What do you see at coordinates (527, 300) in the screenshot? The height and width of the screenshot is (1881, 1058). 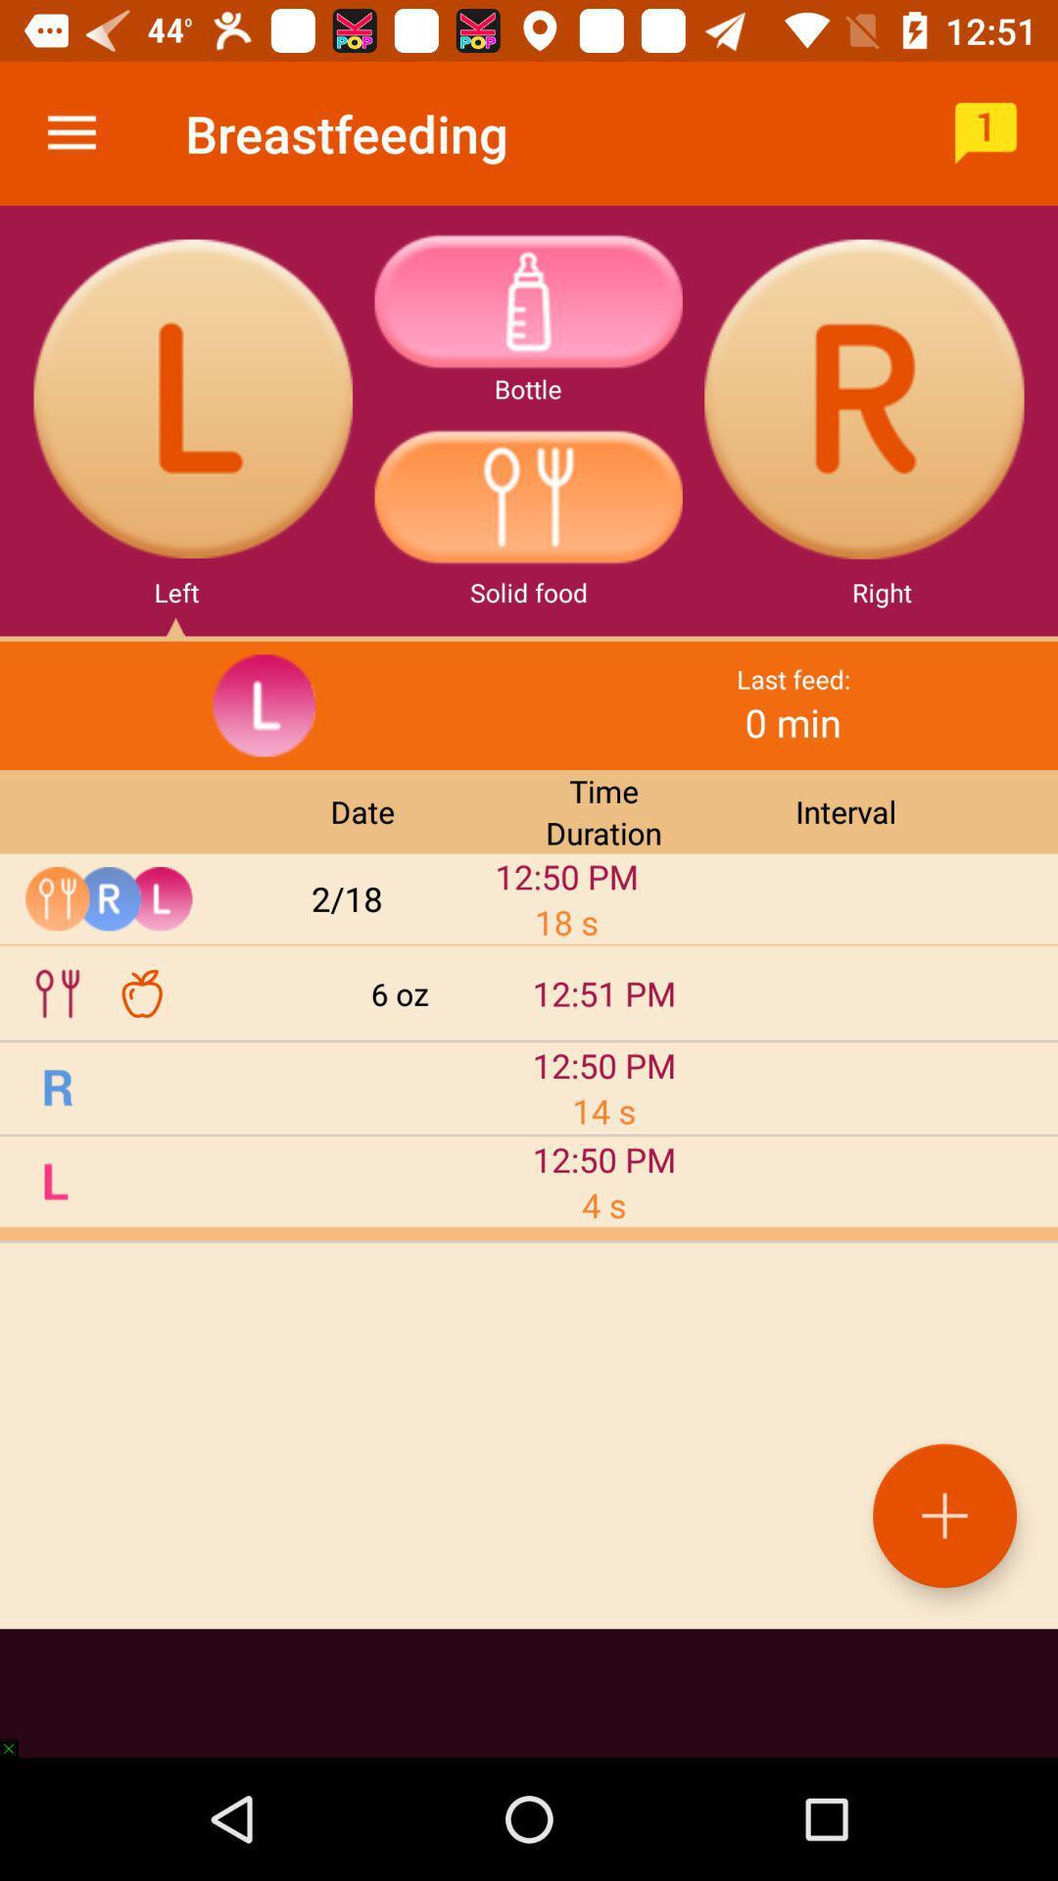 I see `the more icon` at bounding box center [527, 300].